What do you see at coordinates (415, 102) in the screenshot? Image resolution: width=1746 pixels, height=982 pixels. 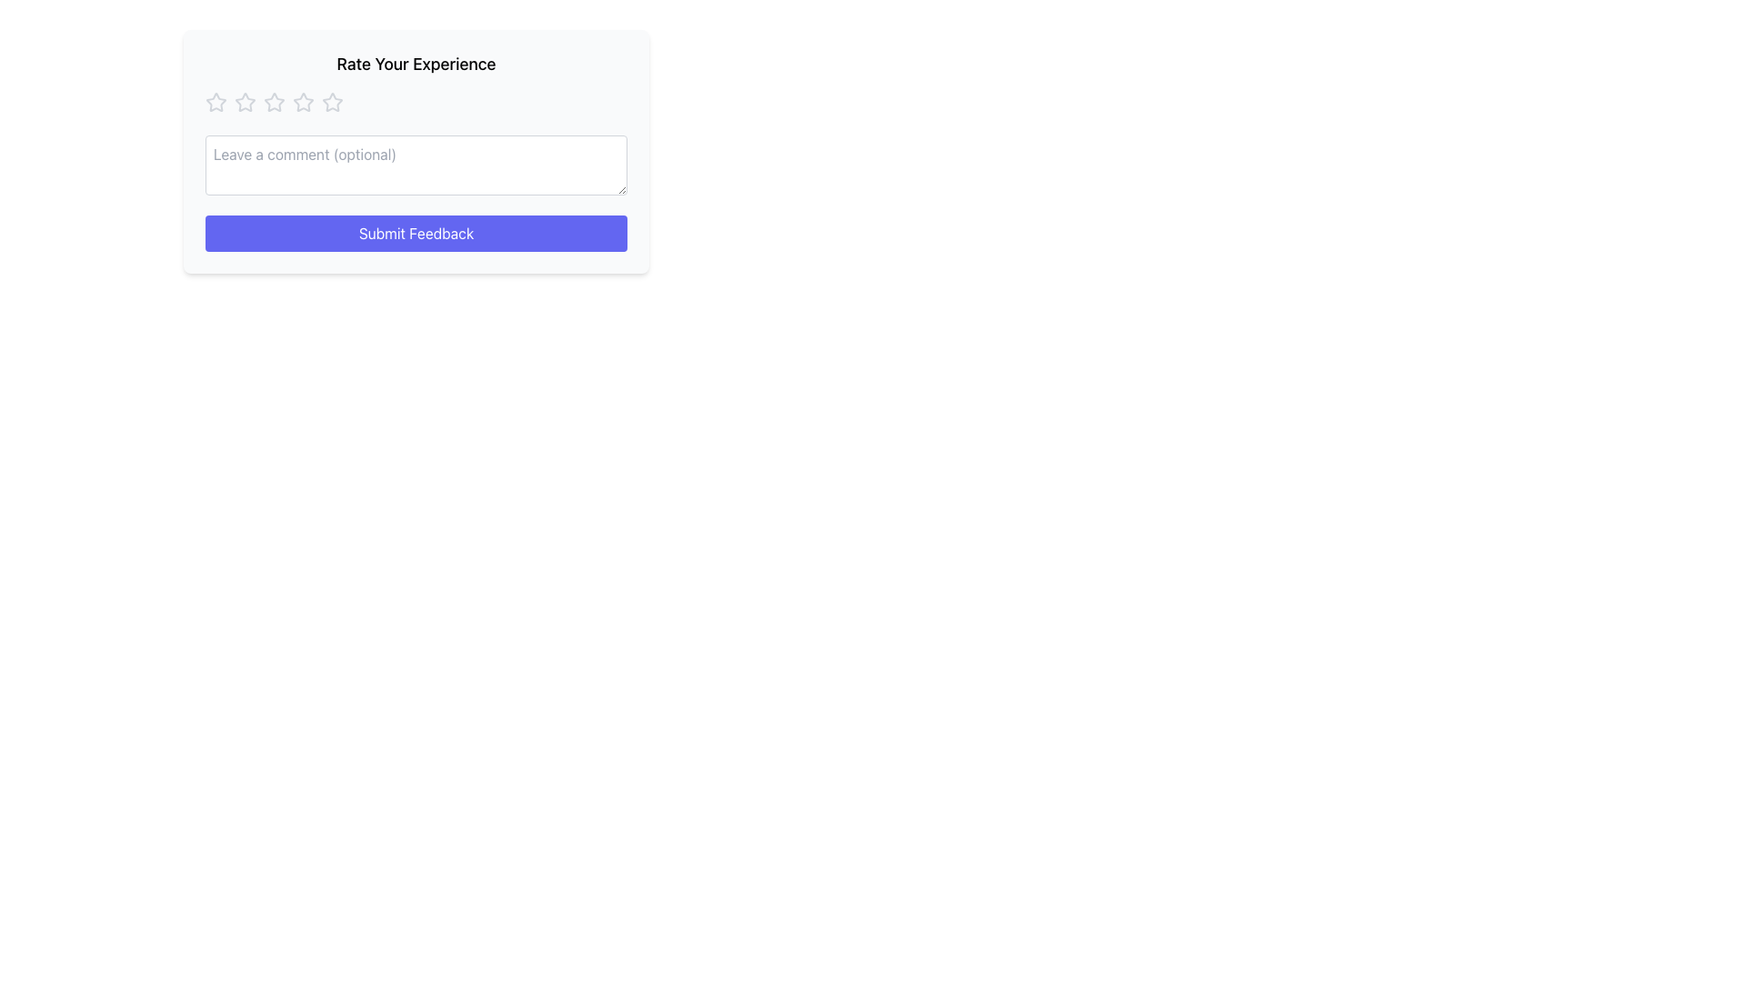 I see `the second star in the star-based rating component to activate hover states` at bounding box center [415, 102].